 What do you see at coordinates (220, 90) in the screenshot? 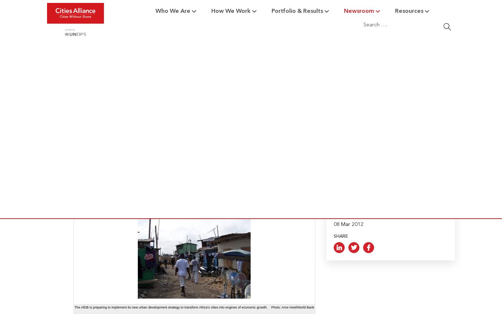
I see `'Cities Alliance Results'` at bounding box center [220, 90].